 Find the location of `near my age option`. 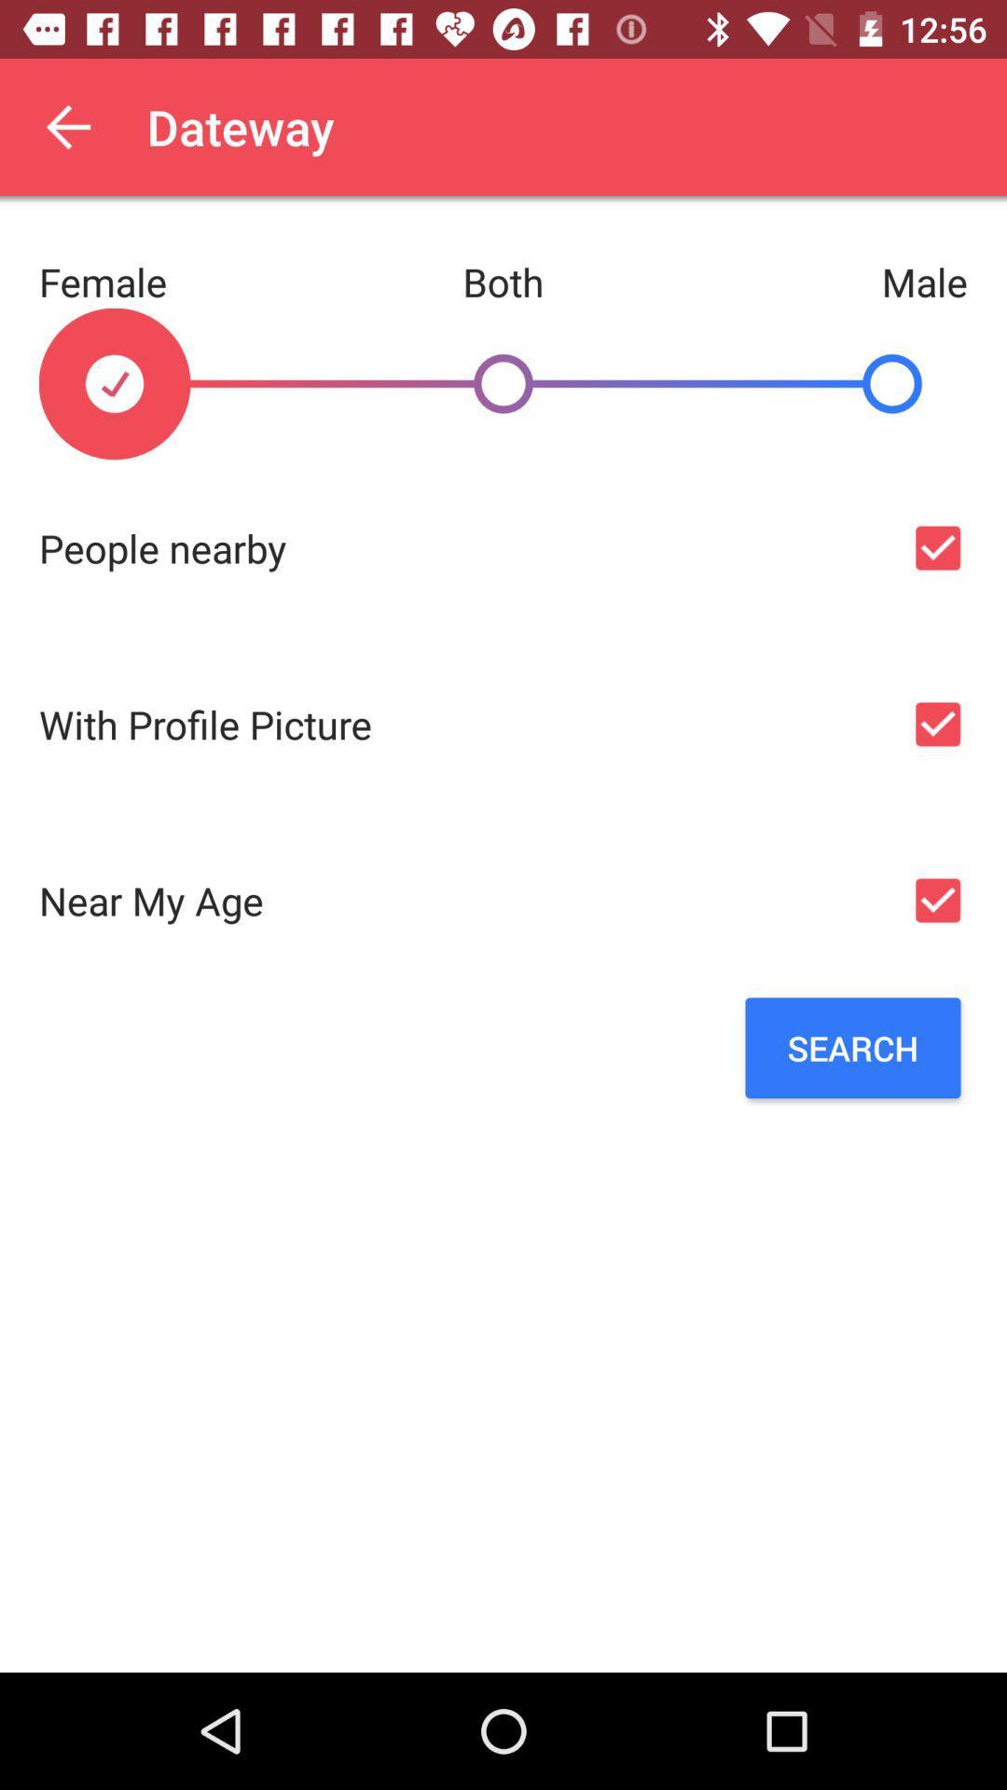

near my age option is located at coordinates (937, 900).